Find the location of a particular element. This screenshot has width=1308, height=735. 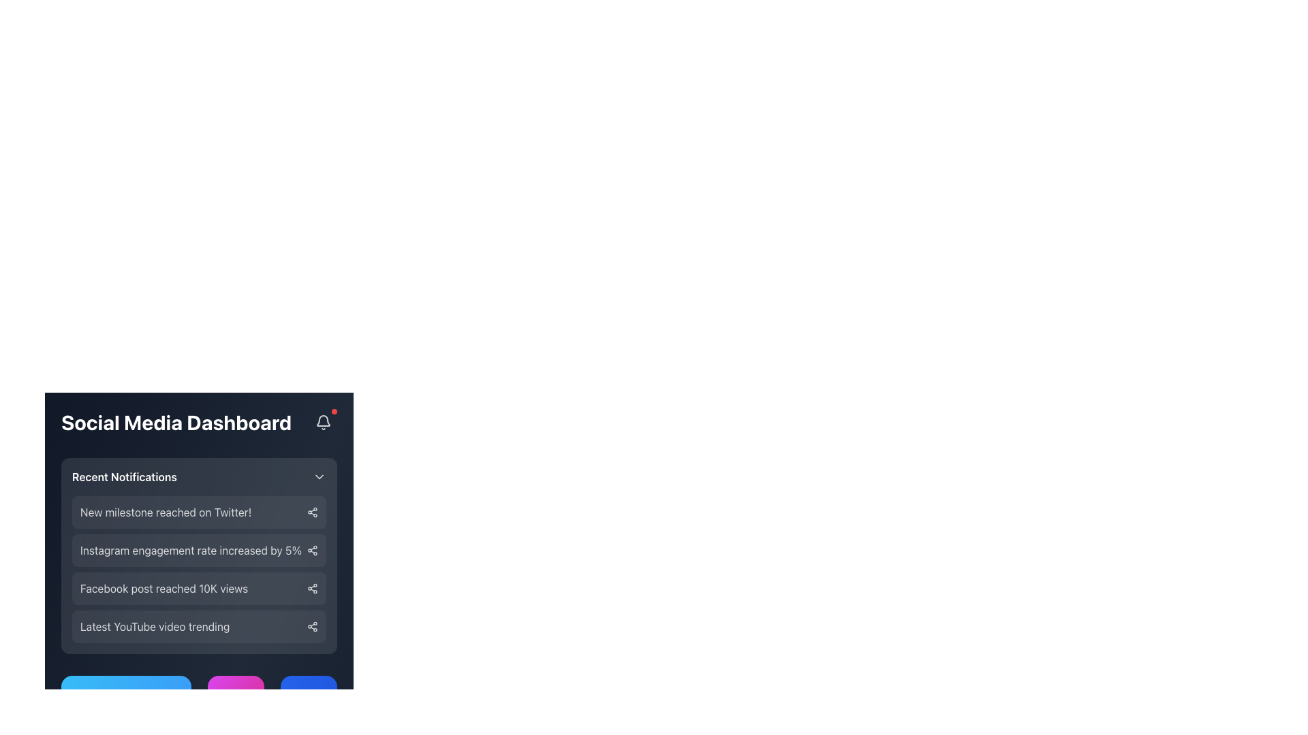

the chevron icon in the upper-right corner of the 'Recent Notifications' section is located at coordinates (319, 476).